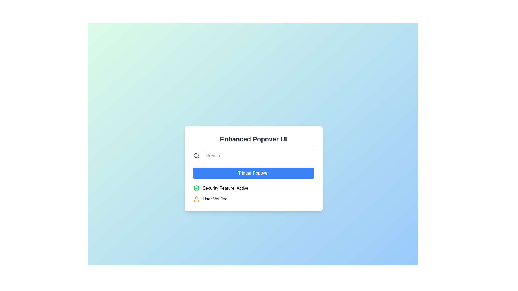  Describe the element at coordinates (196, 188) in the screenshot. I see `the status indicator icon located on the left side of the 'Security Feature: Active' text, which confirms the activation of a specific feature` at that location.